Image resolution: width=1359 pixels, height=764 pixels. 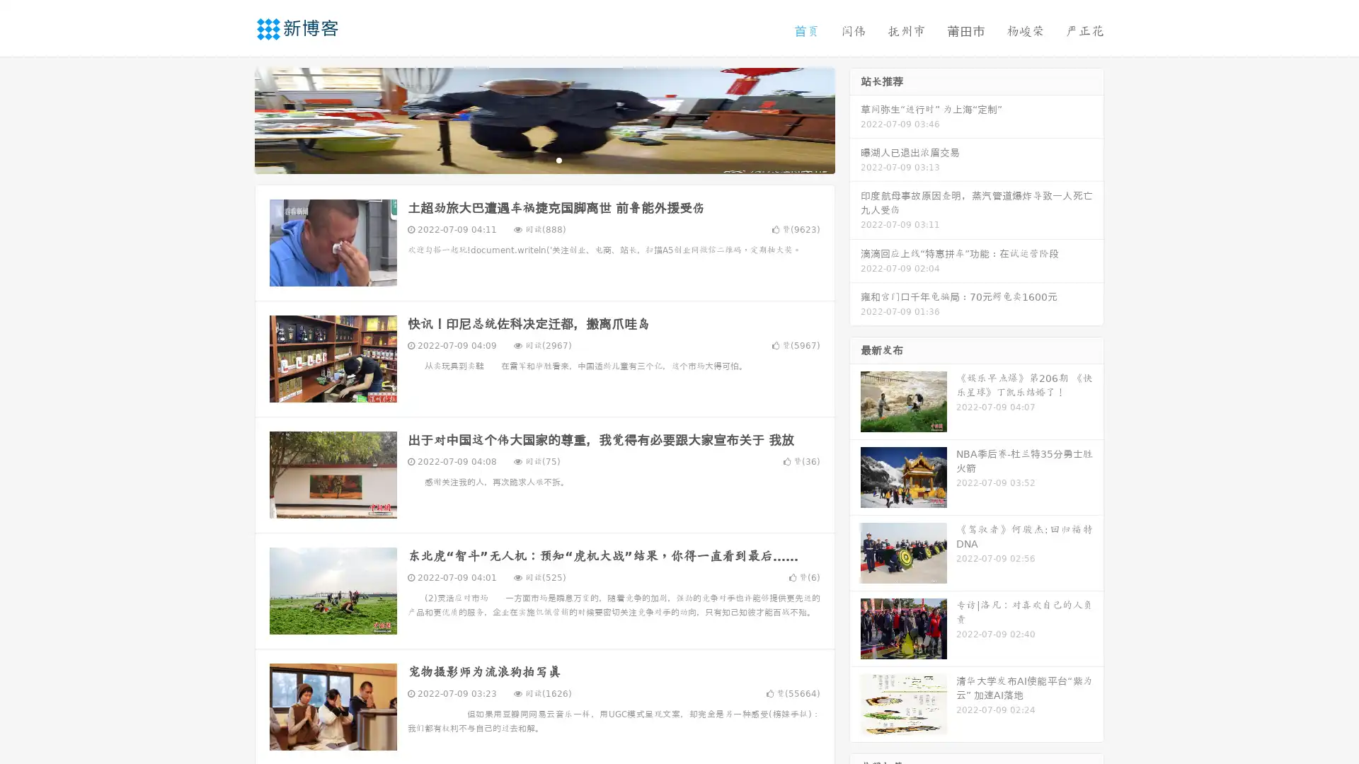 What do you see at coordinates (529, 159) in the screenshot?
I see `Go to slide 1` at bounding box center [529, 159].